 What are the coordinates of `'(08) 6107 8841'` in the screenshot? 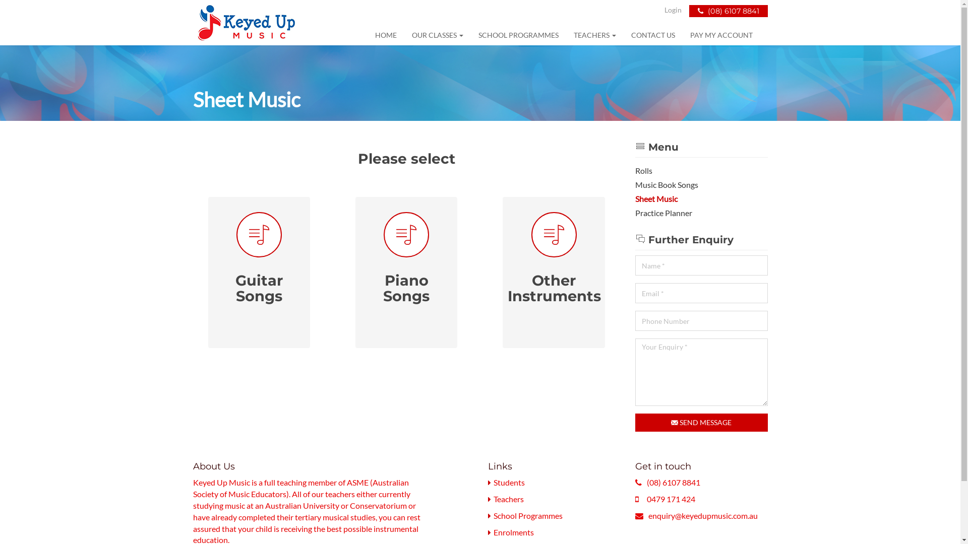 It's located at (728, 11).